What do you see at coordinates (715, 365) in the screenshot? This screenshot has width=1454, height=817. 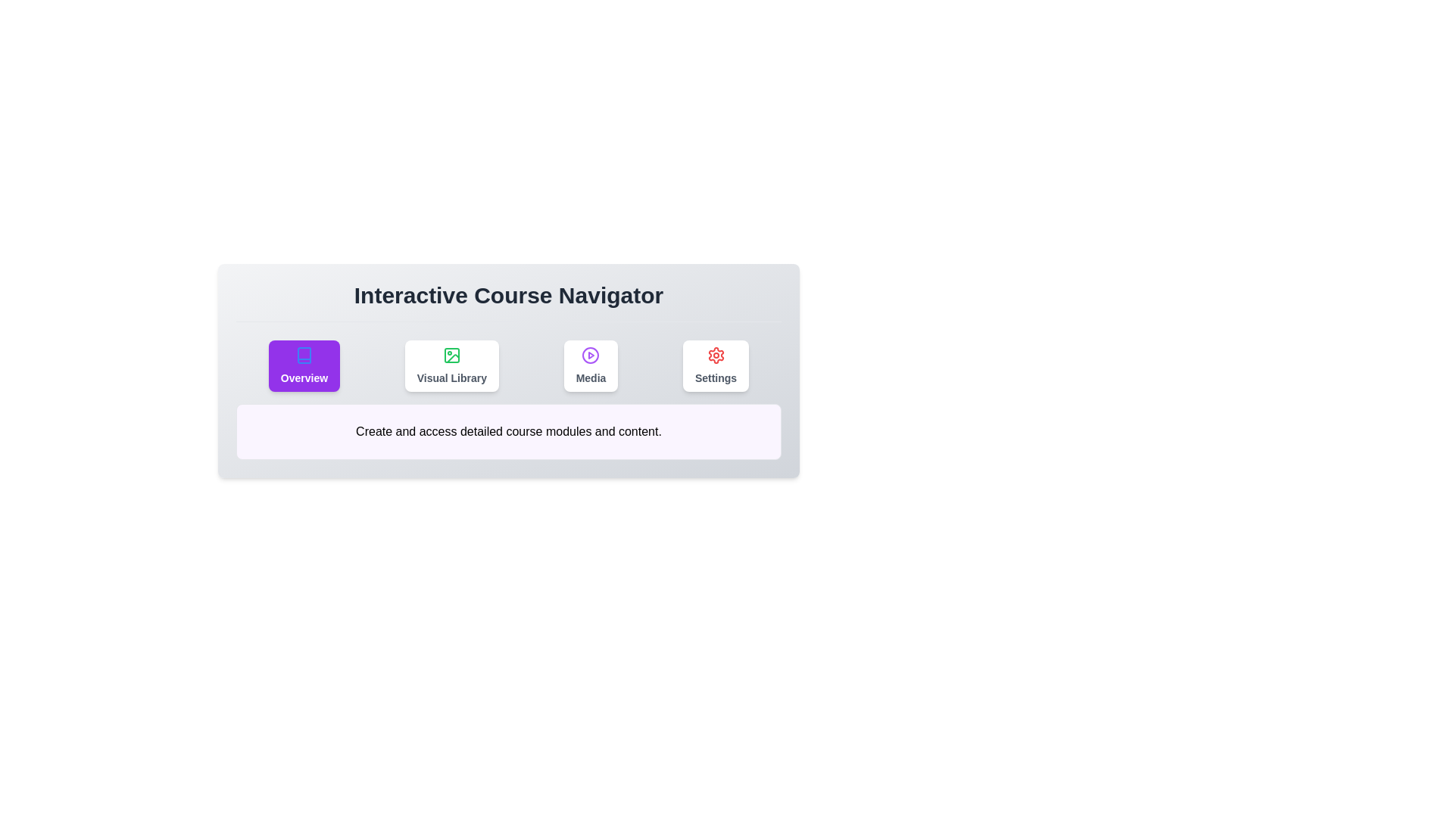 I see `the tab labeled Settings` at bounding box center [715, 365].